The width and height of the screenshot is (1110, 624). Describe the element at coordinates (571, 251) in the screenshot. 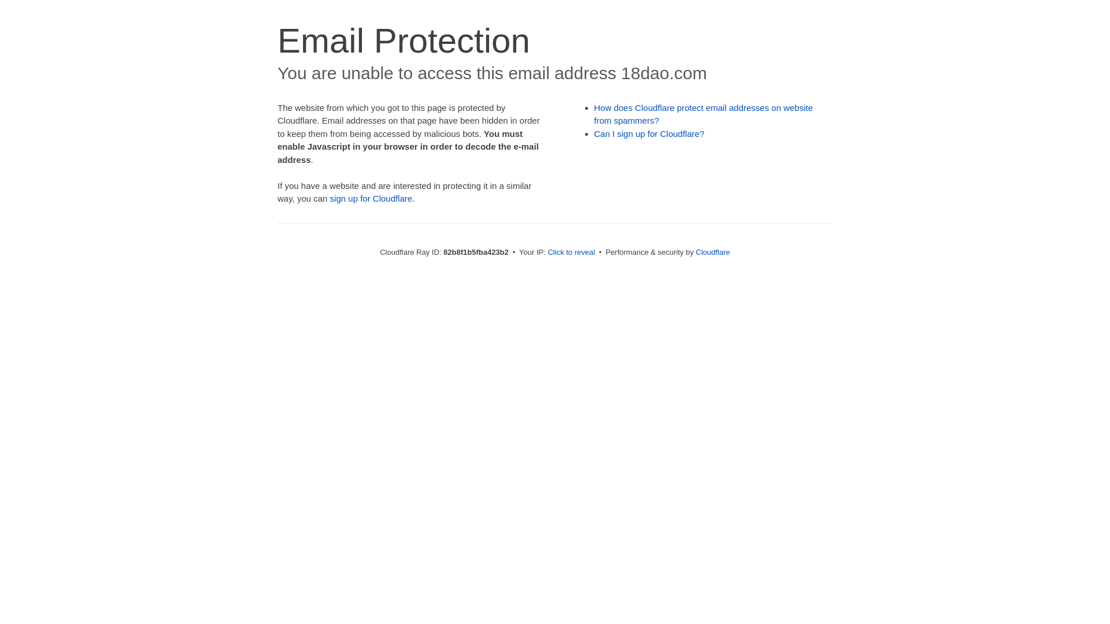

I see `'Click to reveal'` at that location.